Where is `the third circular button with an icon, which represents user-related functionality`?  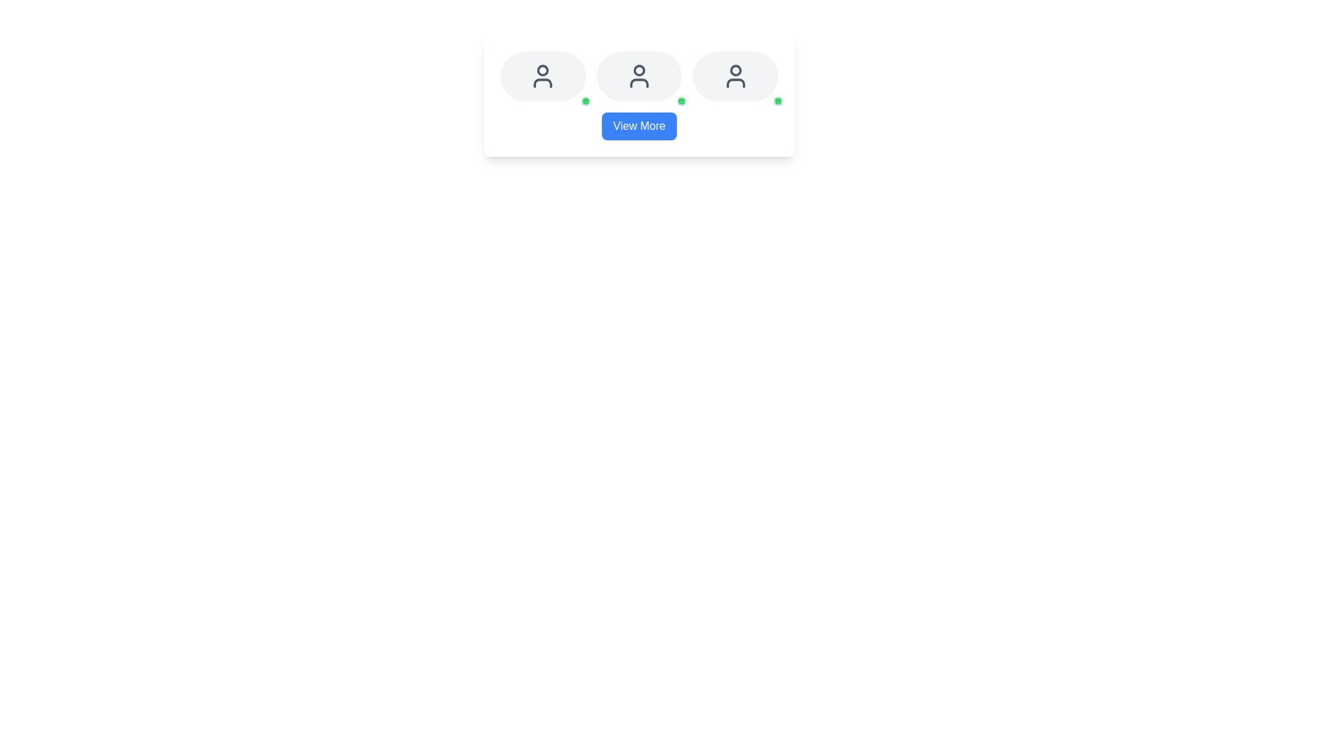
the third circular button with an icon, which represents user-related functionality is located at coordinates (735, 76).